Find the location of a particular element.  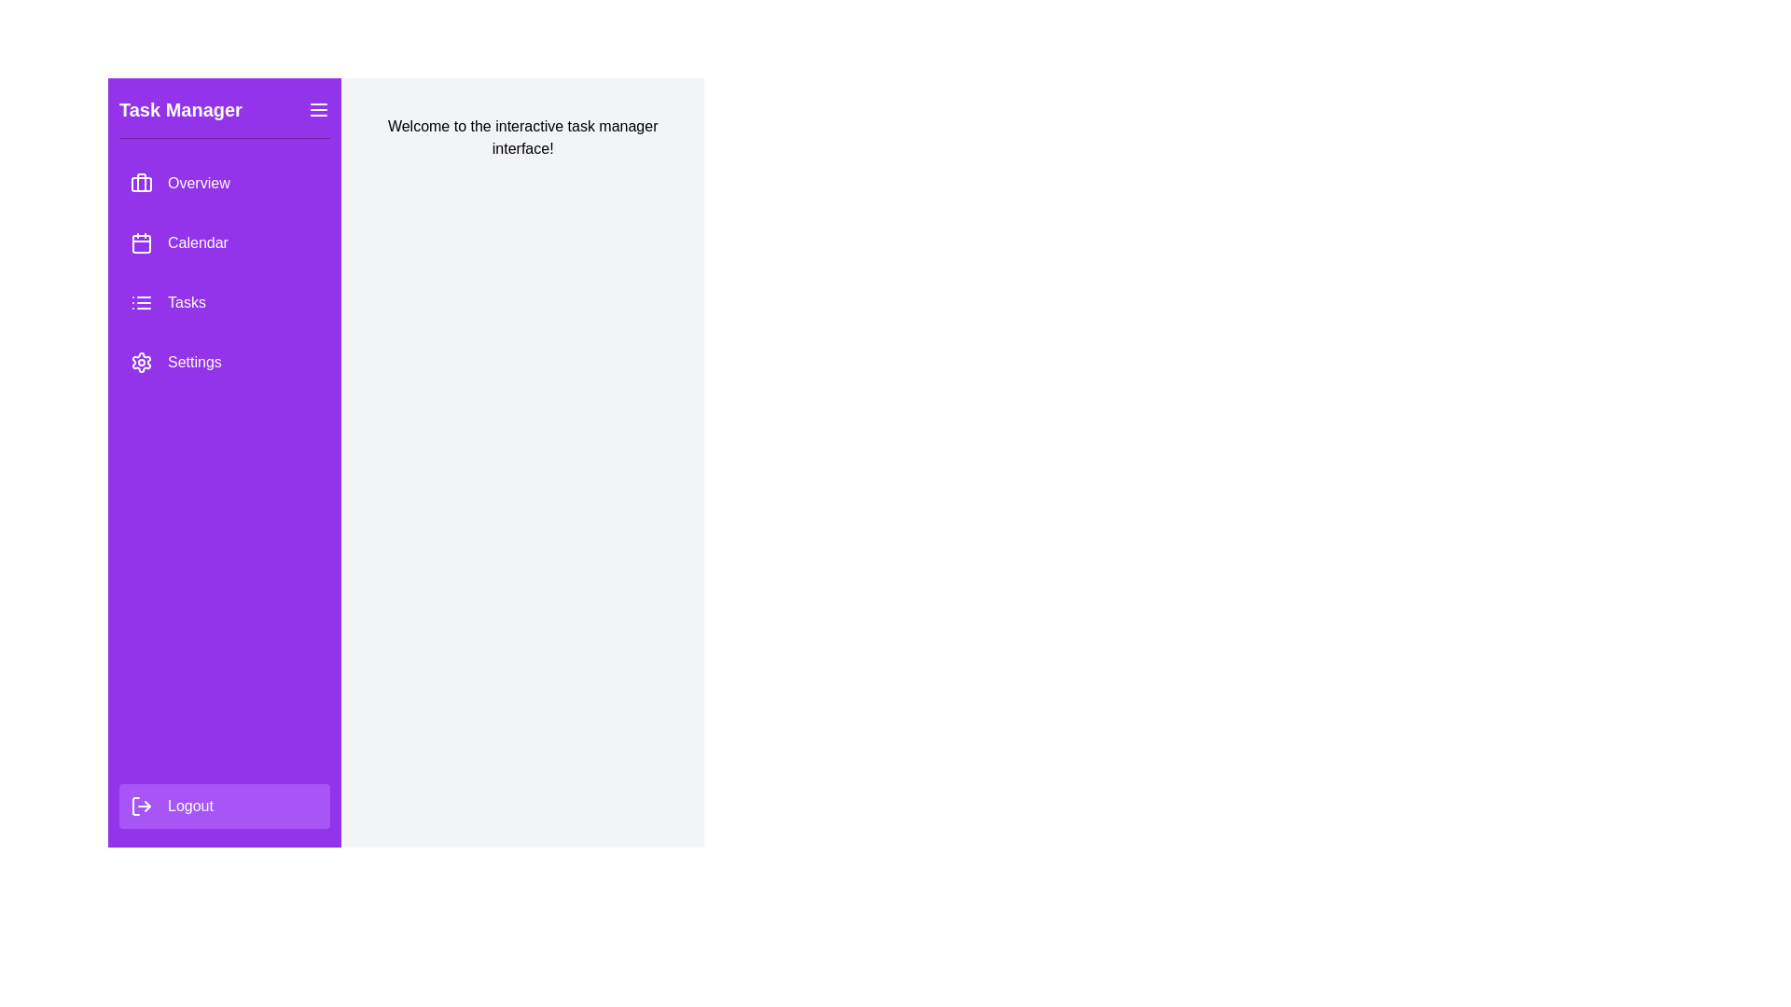

the menu option Settings from the Task Management Drawer is located at coordinates (224, 363).